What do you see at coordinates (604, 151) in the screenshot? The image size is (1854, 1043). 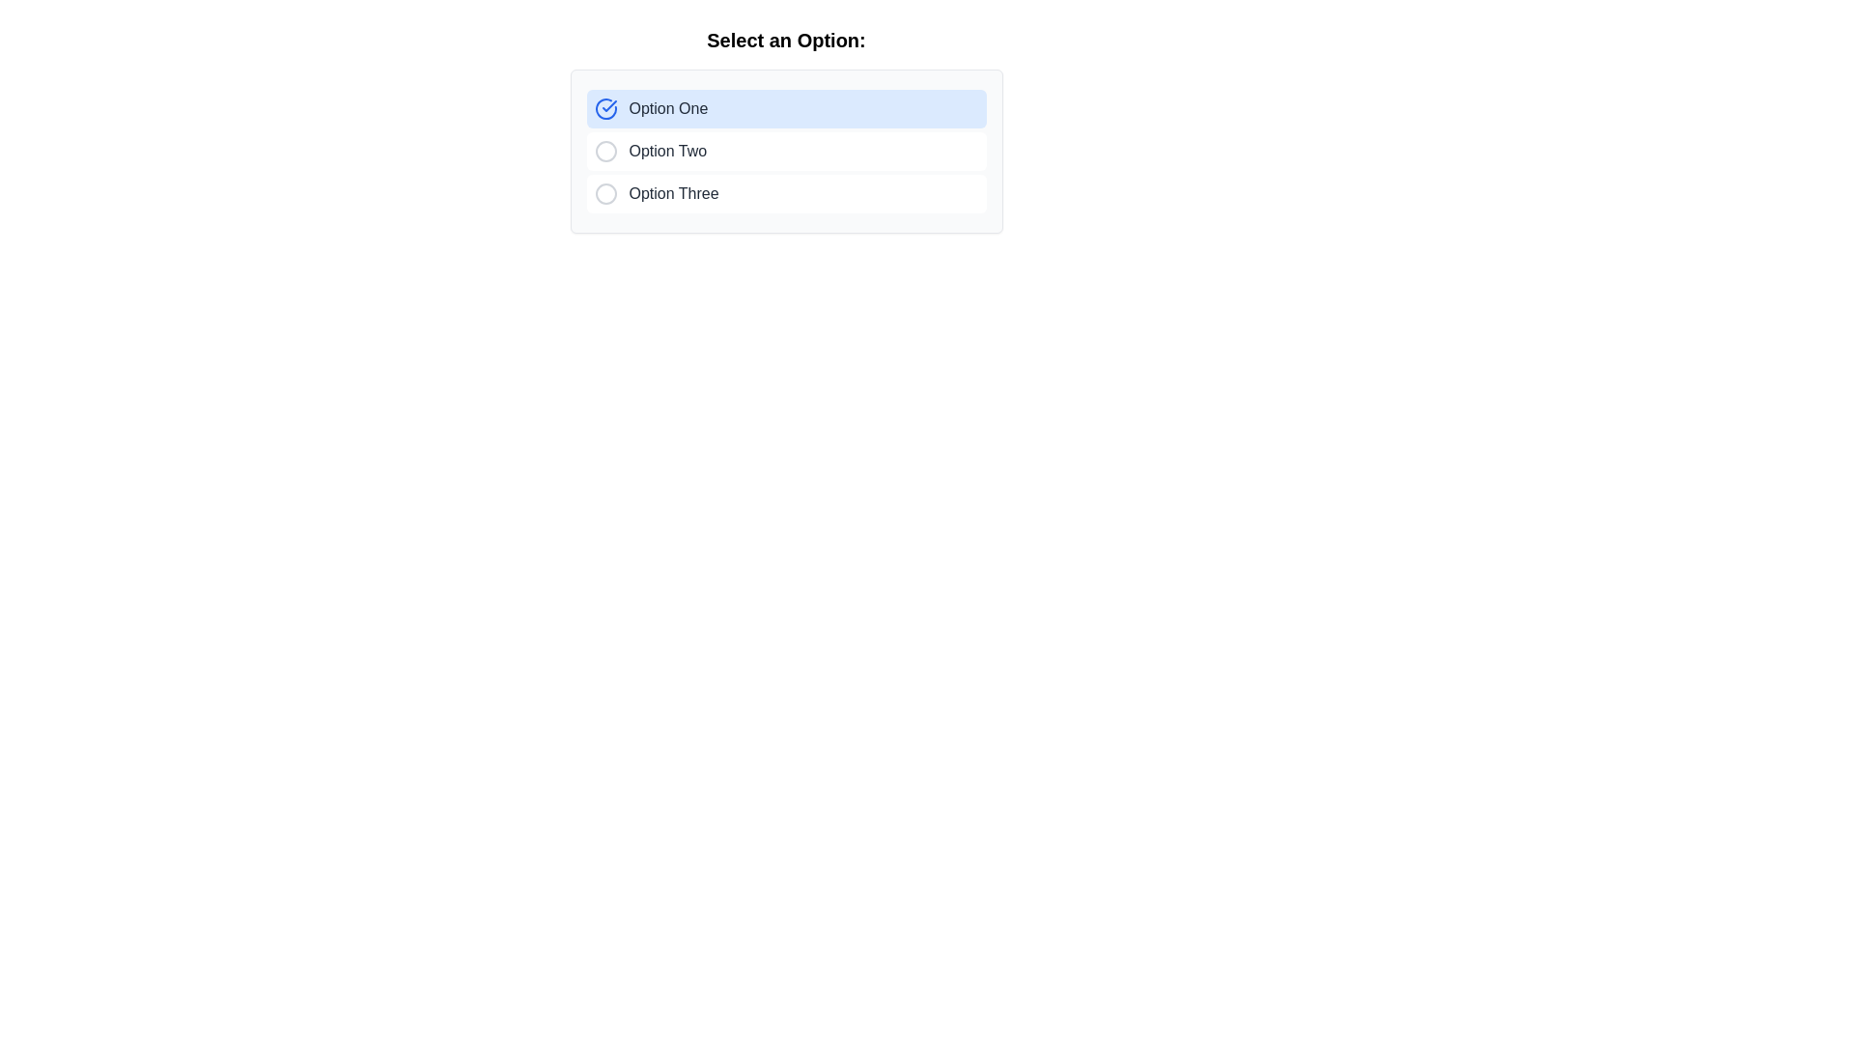 I see `the second radio button marker indicating 'Option Two'` at bounding box center [604, 151].